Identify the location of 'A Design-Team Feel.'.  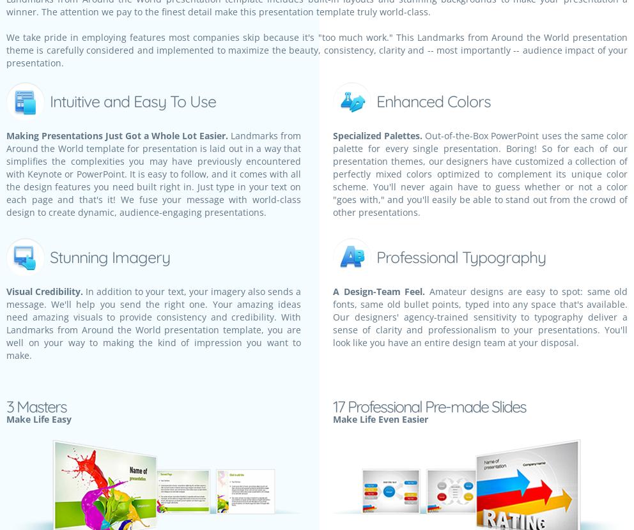
(378, 291).